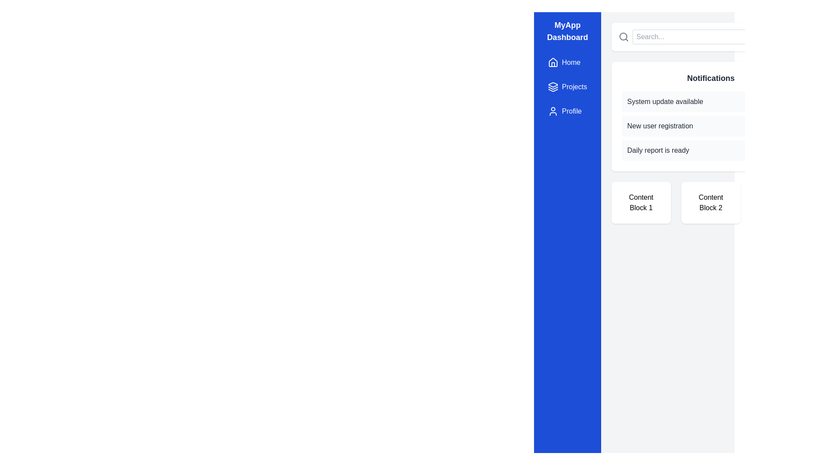 The width and height of the screenshot is (837, 470). I want to click on the notification element that displays 'Daily report is ready' along with the 'View' link, located within the Notifications section, so click(711, 150).